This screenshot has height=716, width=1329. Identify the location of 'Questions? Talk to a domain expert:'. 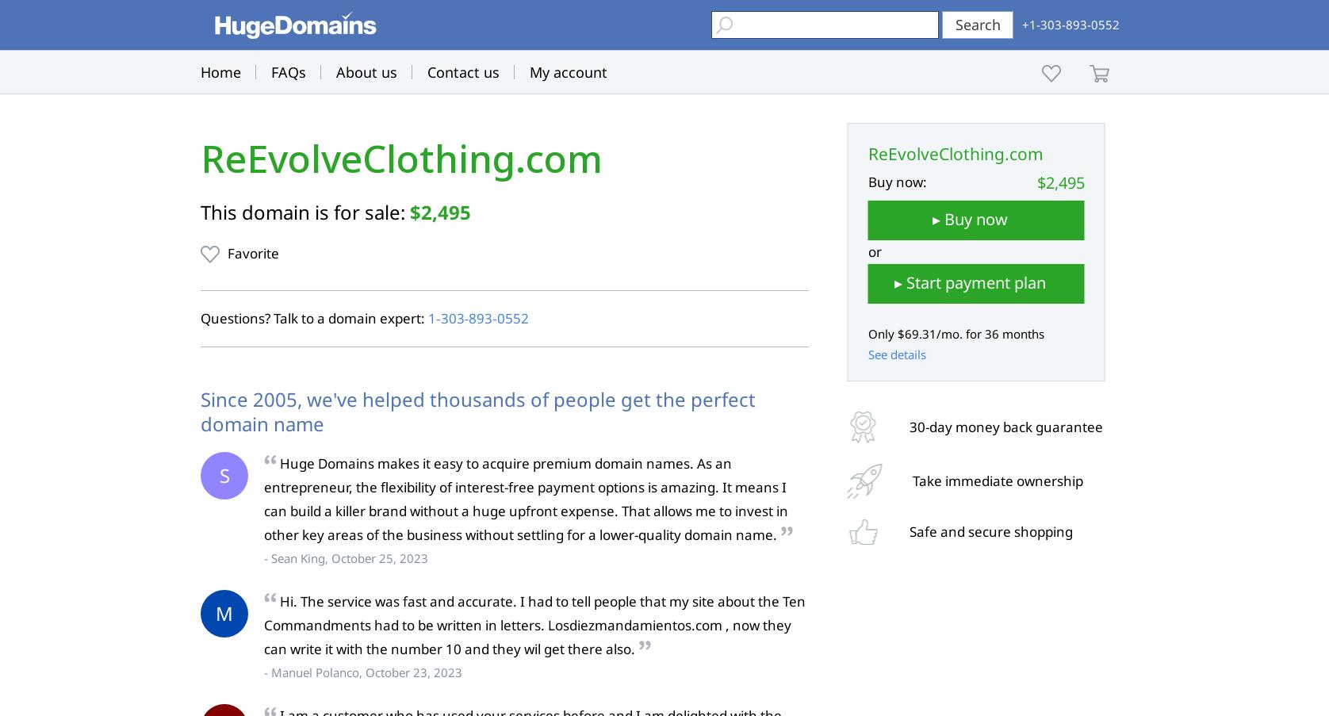
(313, 317).